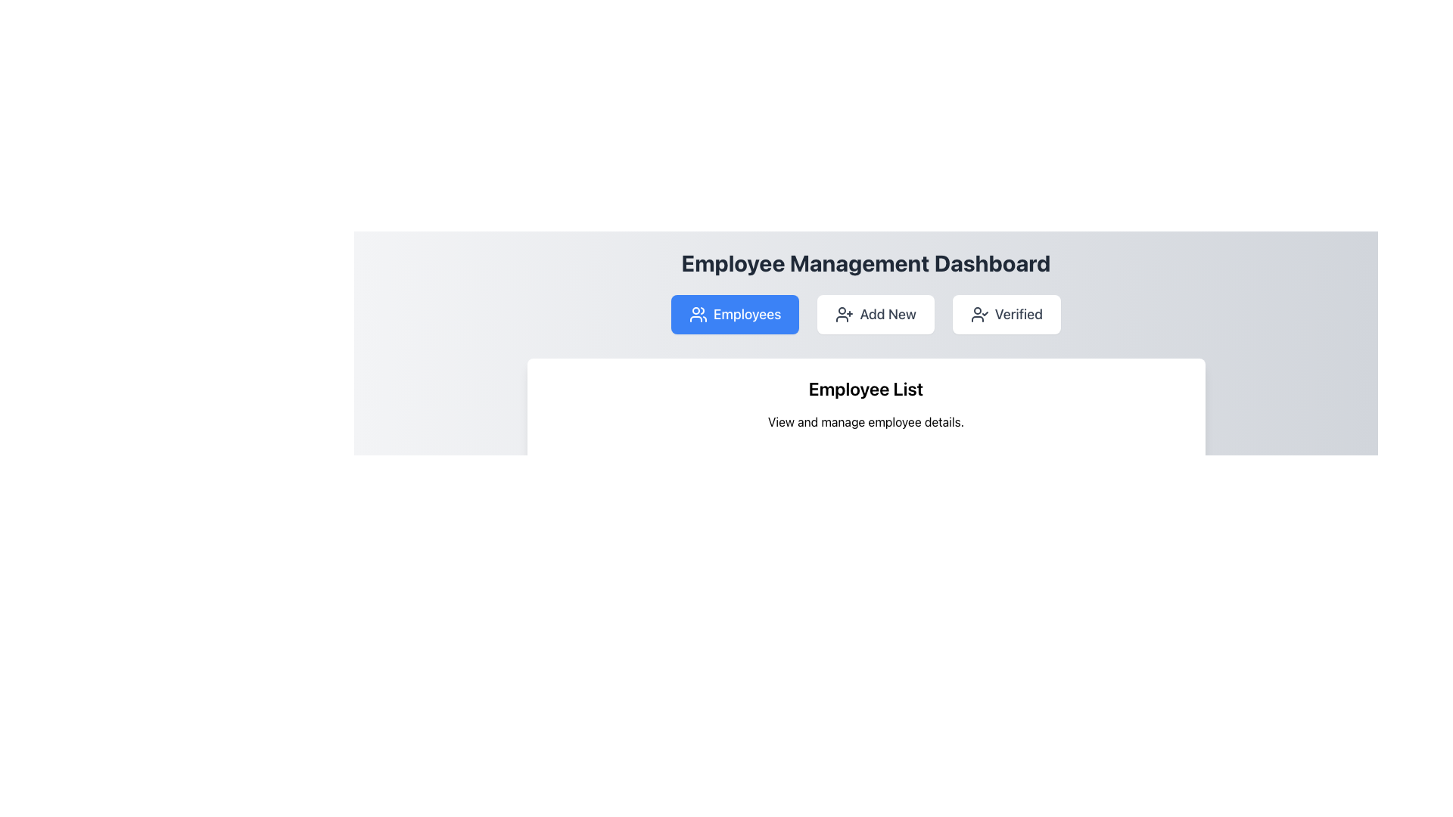  What do you see at coordinates (844, 314) in the screenshot?
I see `the user addition icon, which displays a user silhouette with a plus sign, located within the 'Add New' button in the top navigation bar` at bounding box center [844, 314].